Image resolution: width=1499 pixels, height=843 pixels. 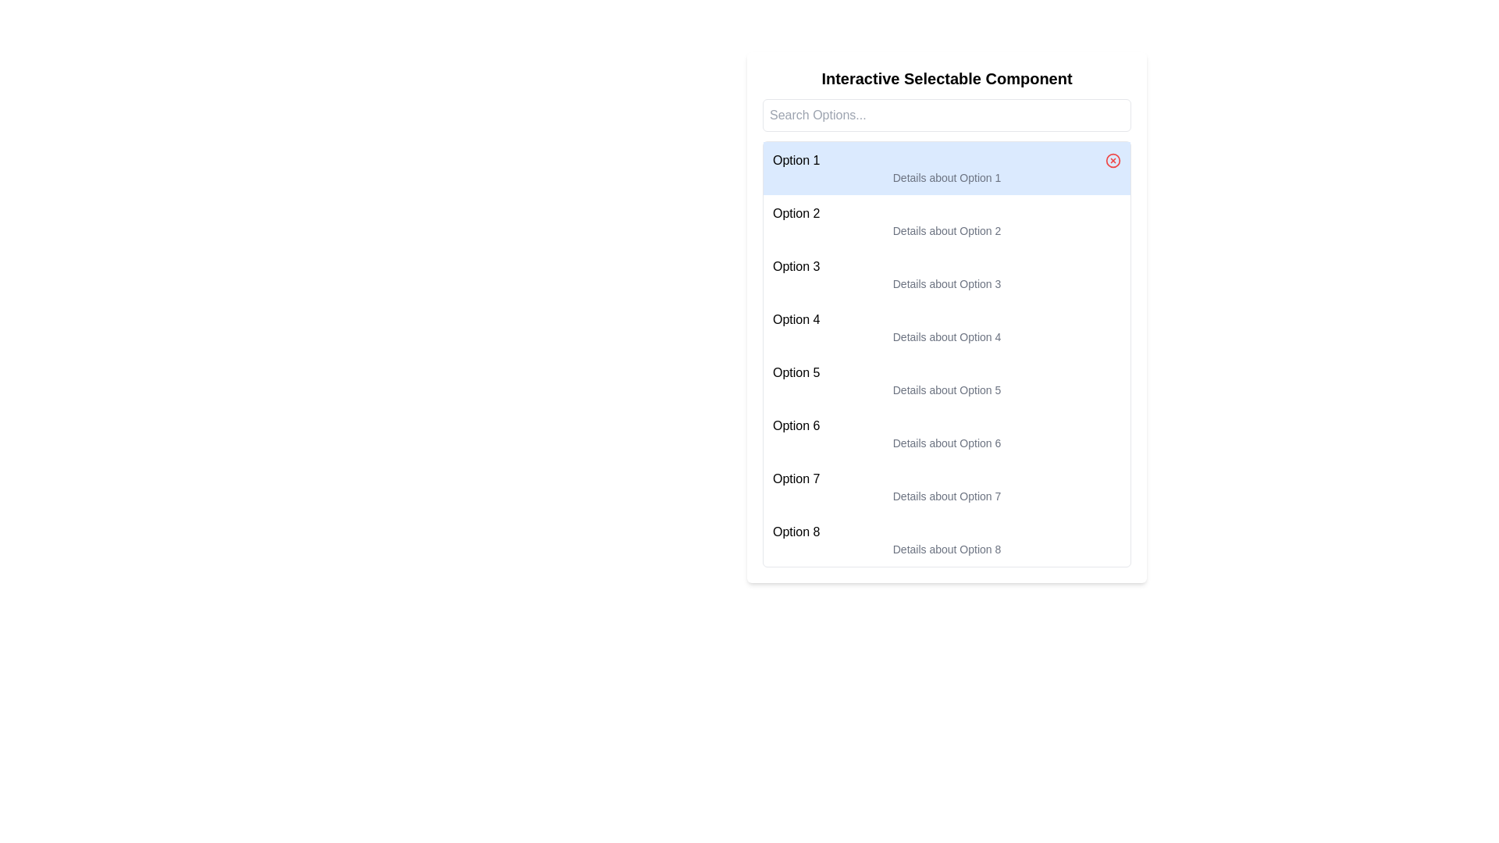 I want to click on text from the label element located in the third position of an interactive list, which provides a textual representation of an option, so click(x=796, y=266).